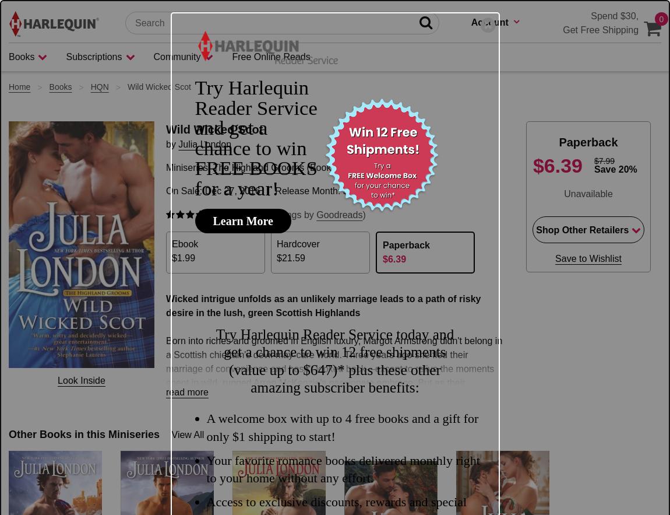 The height and width of the screenshot is (515, 670). What do you see at coordinates (255, 168) in the screenshot?
I see `'FREE BOOKS'` at bounding box center [255, 168].